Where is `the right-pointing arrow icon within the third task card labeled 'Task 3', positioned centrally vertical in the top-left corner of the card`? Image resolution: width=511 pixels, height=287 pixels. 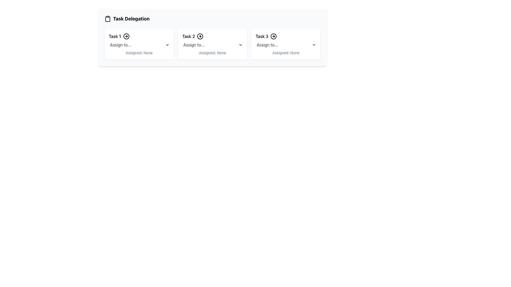
the right-pointing arrow icon within the third task card labeled 'Task 3', positioned centrally vertical in the top-left corner of the card is located at coordinates (274, 36).